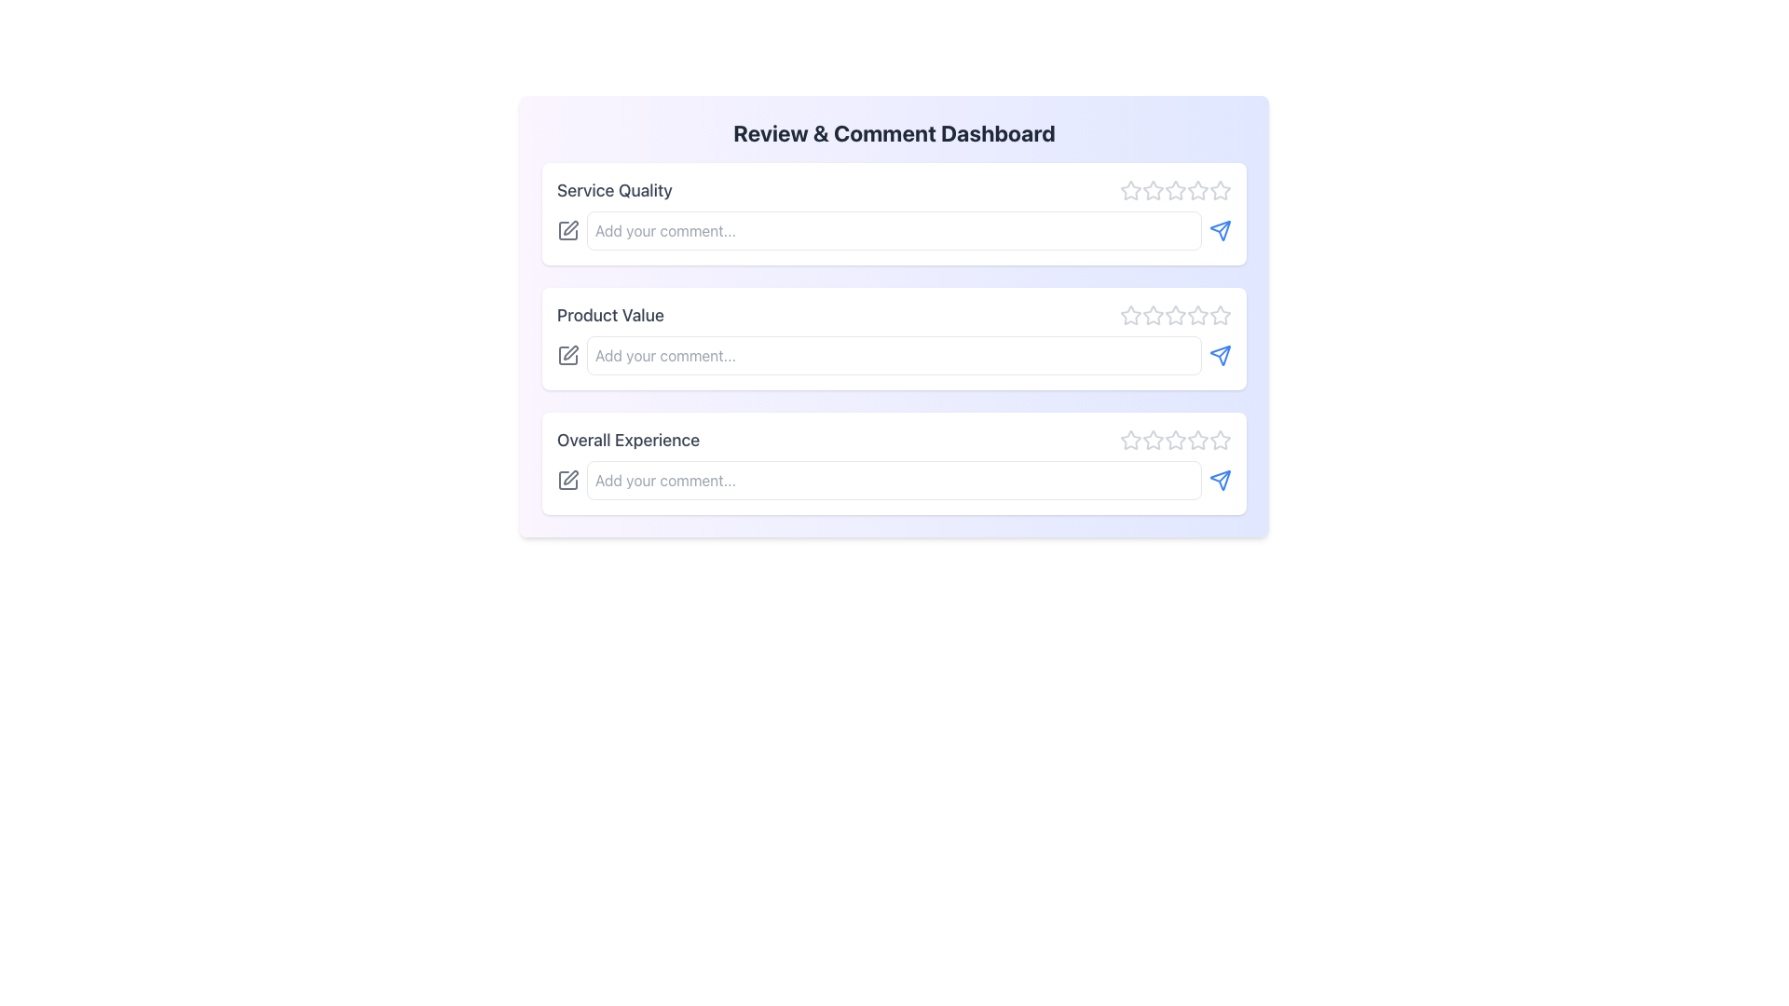 The width and height of the screenshot is (1789, 1006). What do you see at coordinates (1221, 441) in the screenshot?
I see `the fifth gray star icon in the Overall Experience section to indicate a 5-star rating` at bounding box center [1221, 441].